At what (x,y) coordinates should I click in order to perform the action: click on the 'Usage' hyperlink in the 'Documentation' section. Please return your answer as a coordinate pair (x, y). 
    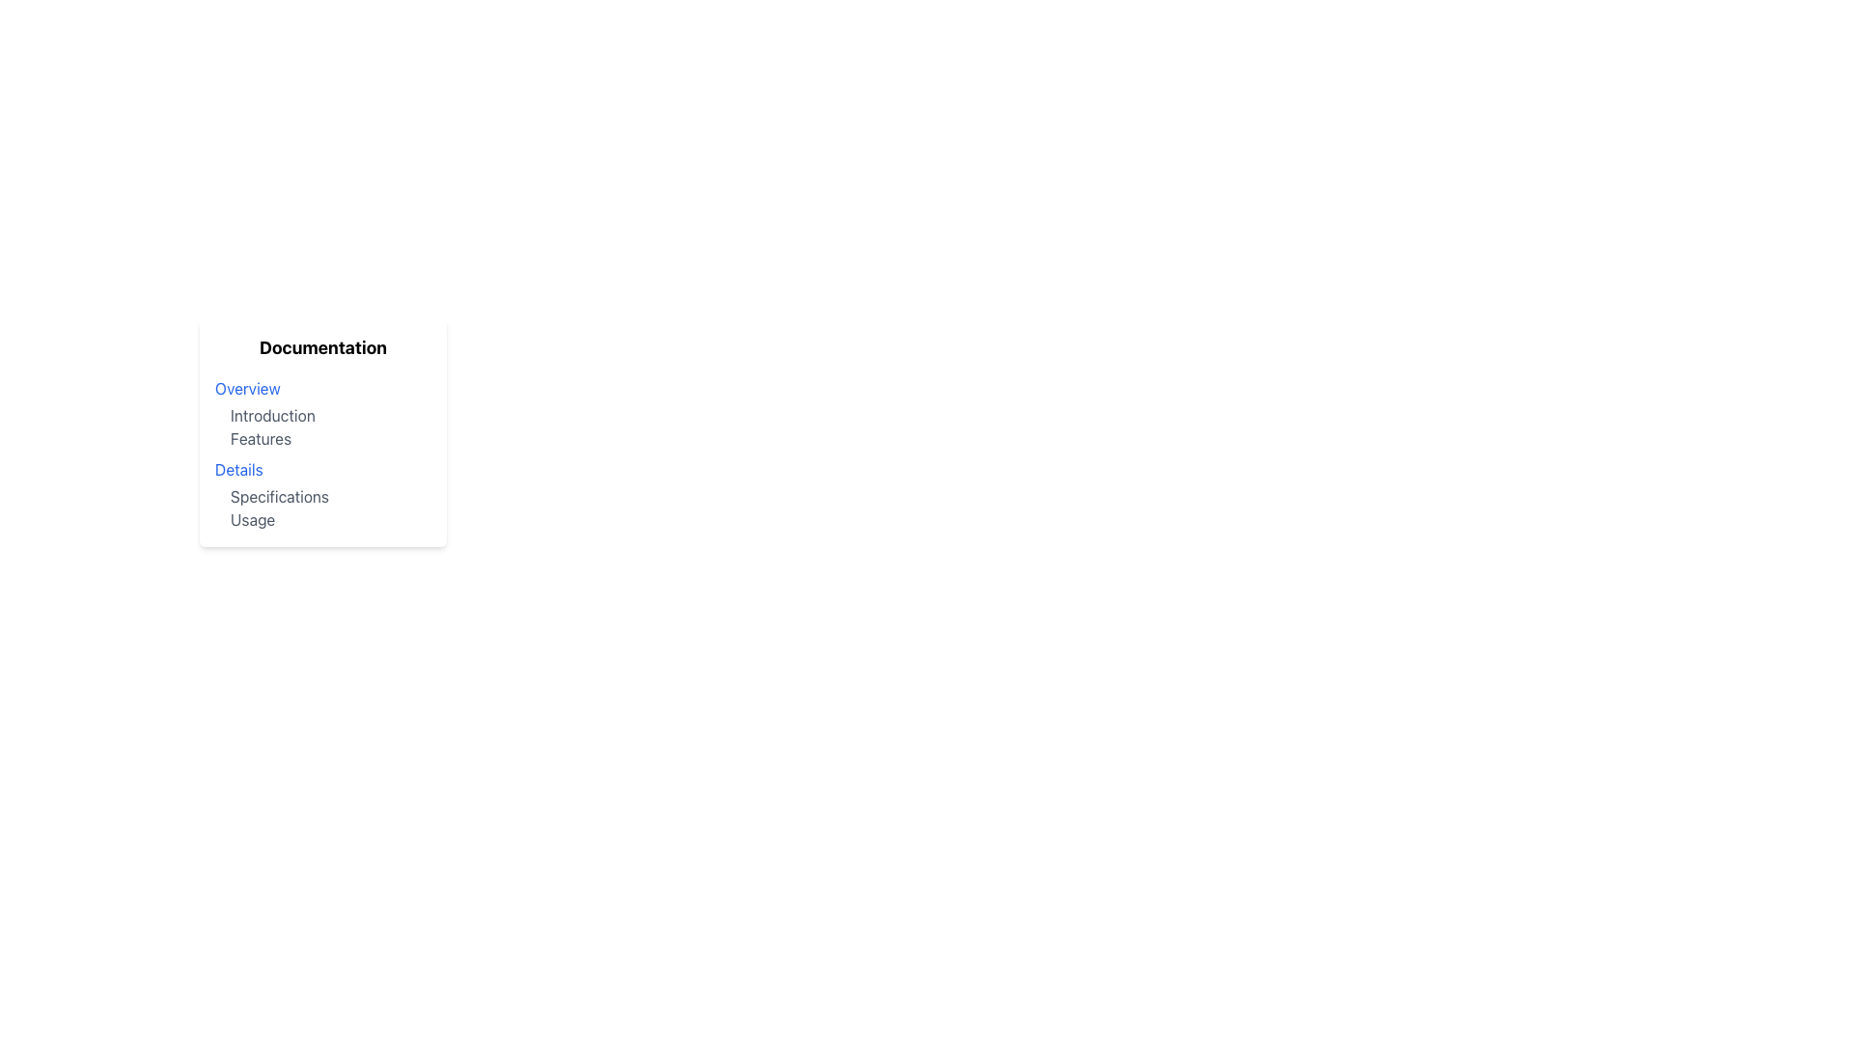
    Looking at the image, I should click on (252, 519).